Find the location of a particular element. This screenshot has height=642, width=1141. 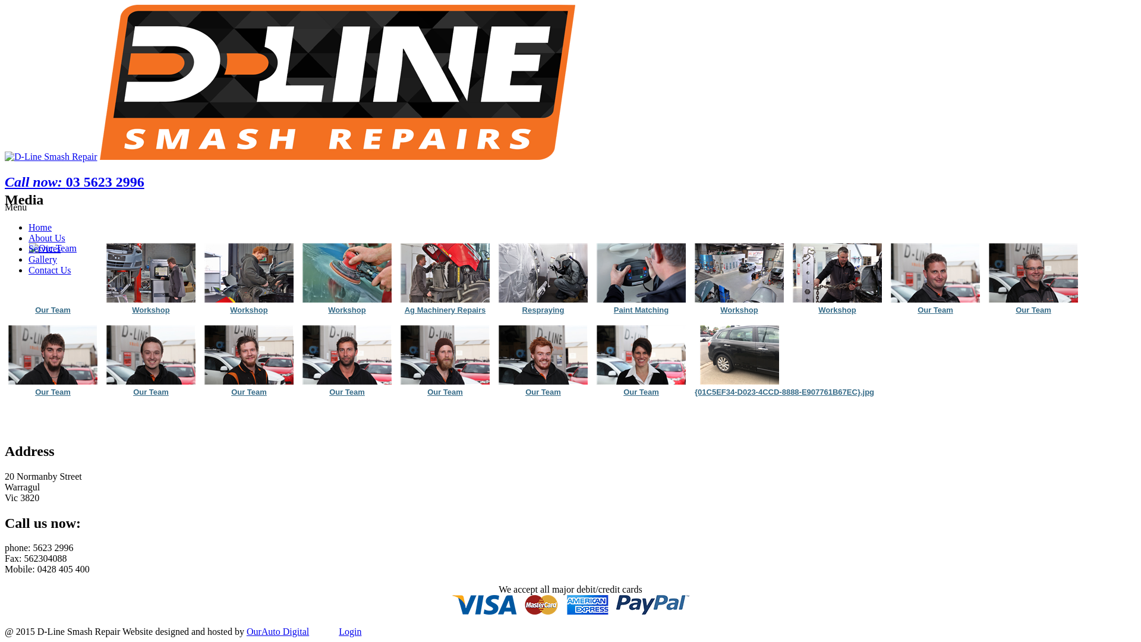

'Our Team' is located at coordinates (52, 309).